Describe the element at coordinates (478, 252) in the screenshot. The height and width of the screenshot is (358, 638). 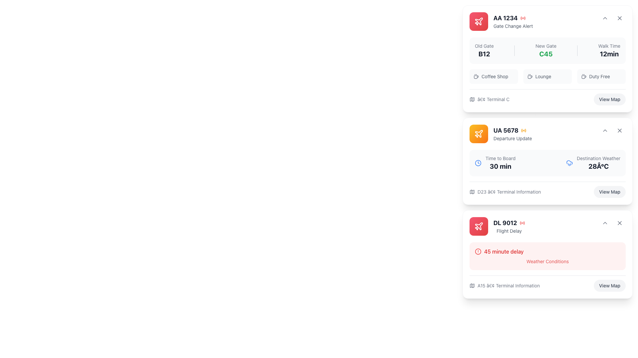
I see `the circular SVG element with a prominent red stroke, part of the alert icon in the 'DL 9012 Flight Delay' card, located left of the '45 minute delay' text` at that location.